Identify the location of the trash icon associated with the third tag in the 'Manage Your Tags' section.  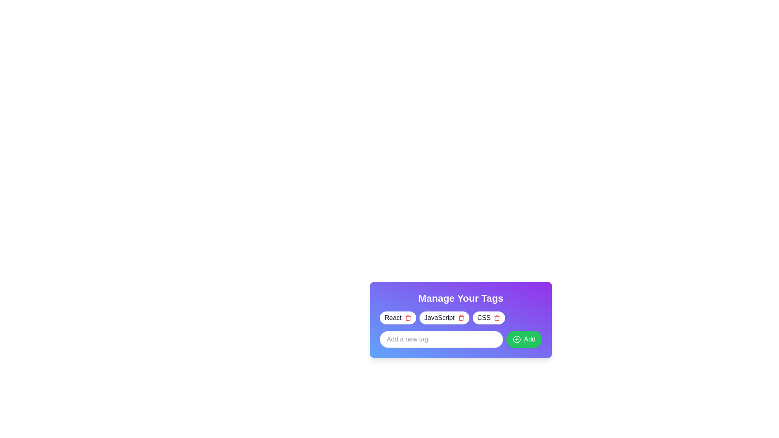
(488, 317).